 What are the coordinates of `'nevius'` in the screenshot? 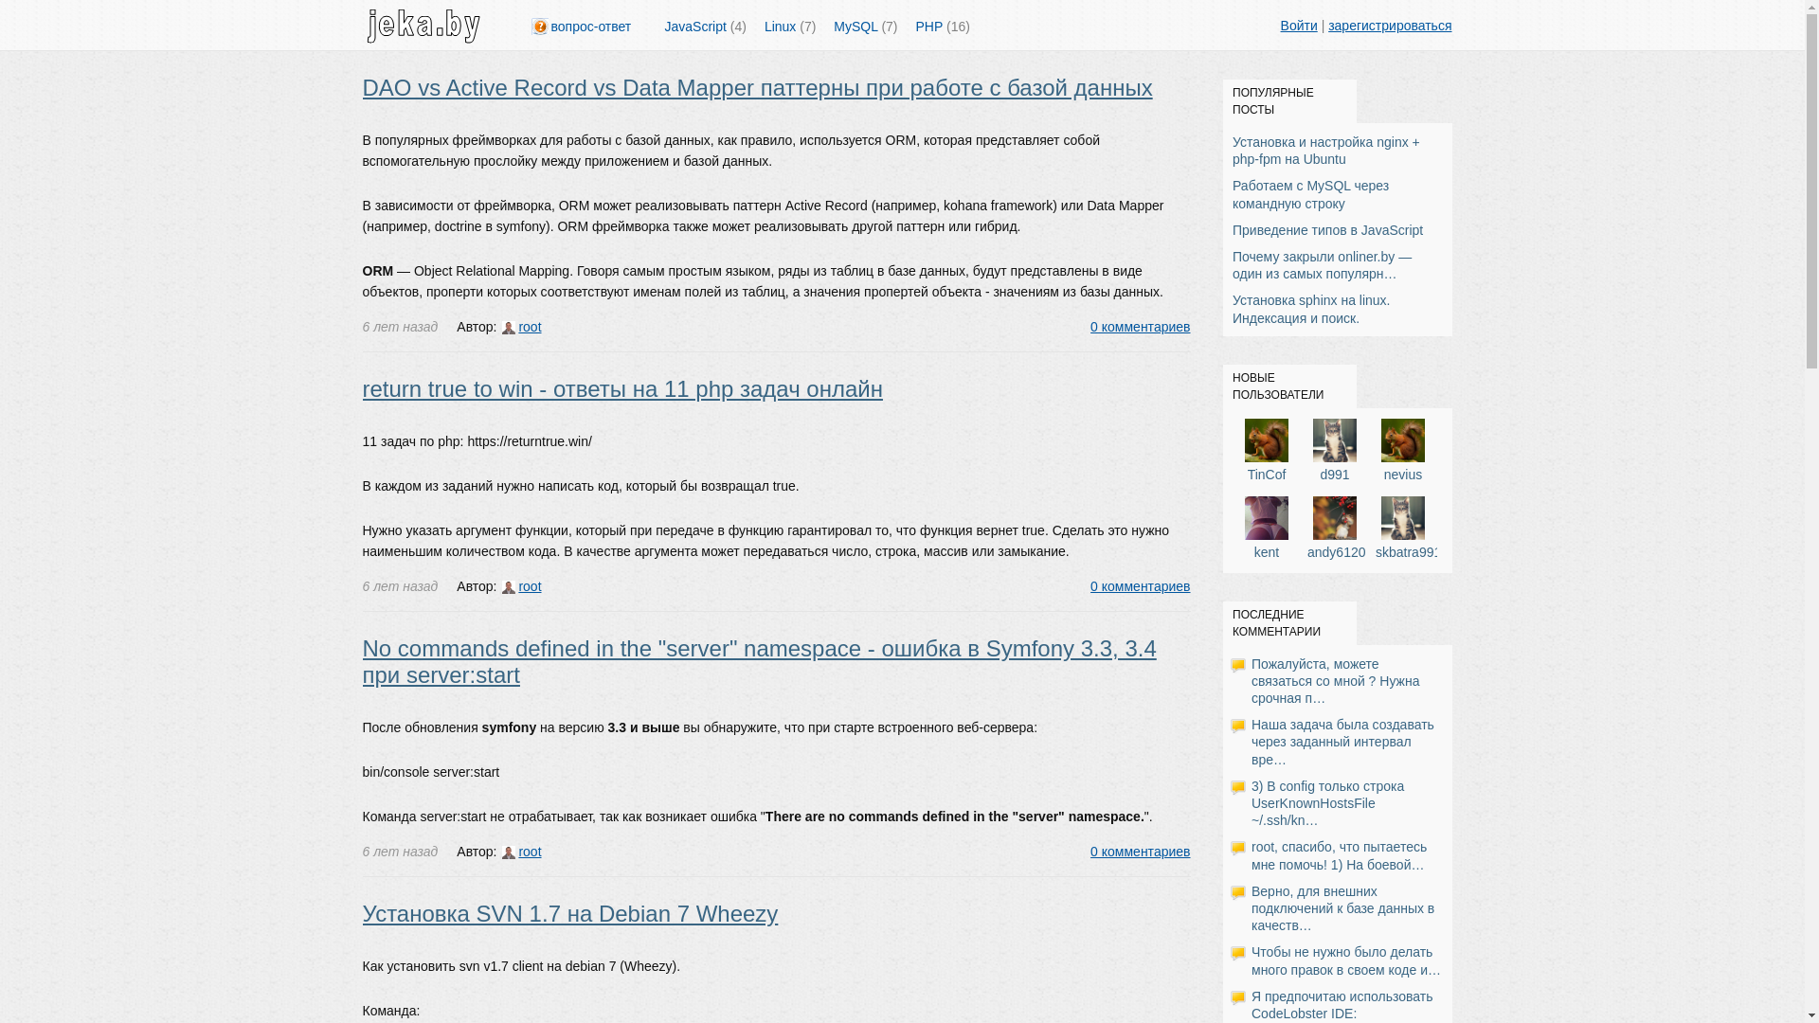 It's located at (1403, 466).